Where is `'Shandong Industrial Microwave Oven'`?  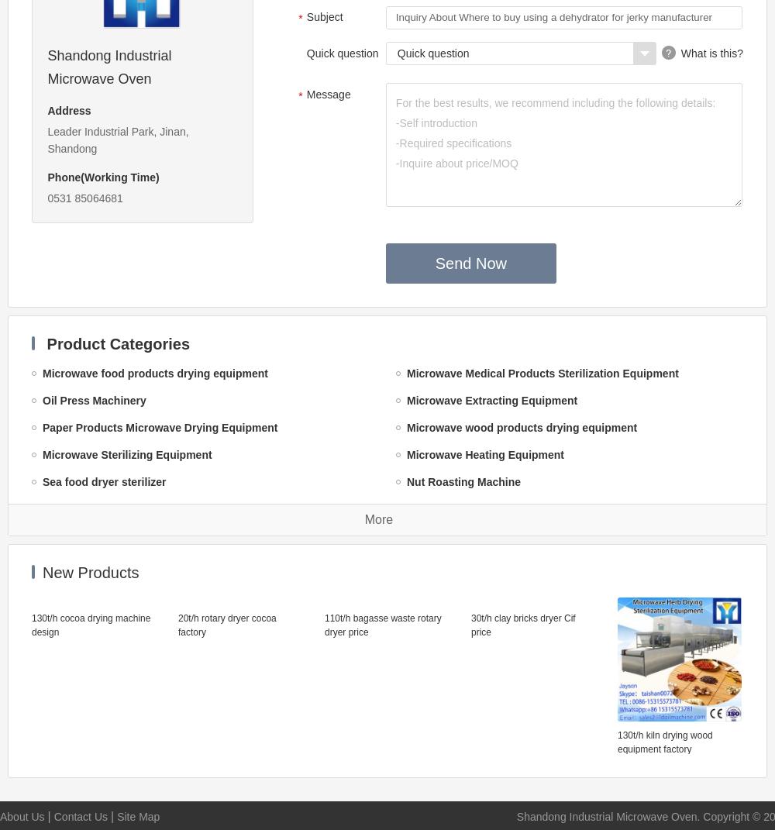
'Shandong Industrial Microwave Oven' is located at coordinates (109, 67).